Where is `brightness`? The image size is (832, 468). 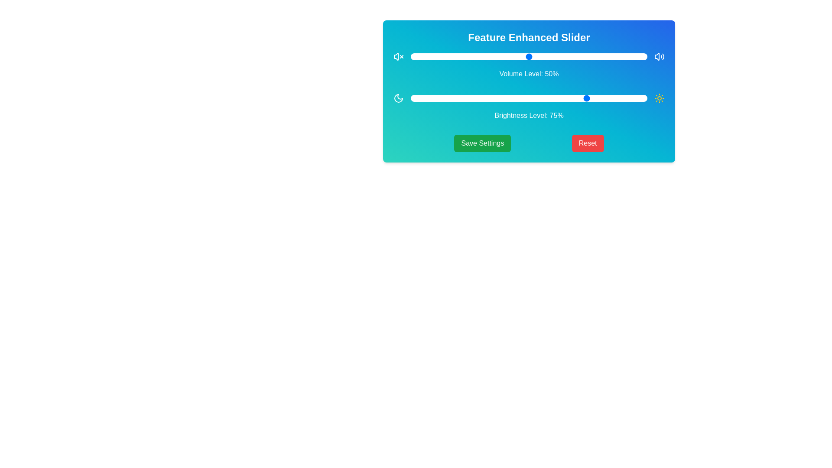
brightness is located at coordinates (500, 98).